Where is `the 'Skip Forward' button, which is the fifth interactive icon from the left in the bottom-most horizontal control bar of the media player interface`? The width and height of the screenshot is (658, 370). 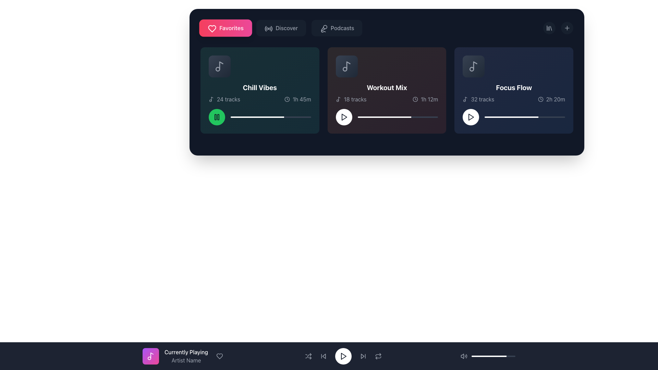 the 'Skip Forward' button, which is the fifth interactive icon from the left in the bottom-most horizontal control bar of the media player interface is located at coordinates (363, 356).